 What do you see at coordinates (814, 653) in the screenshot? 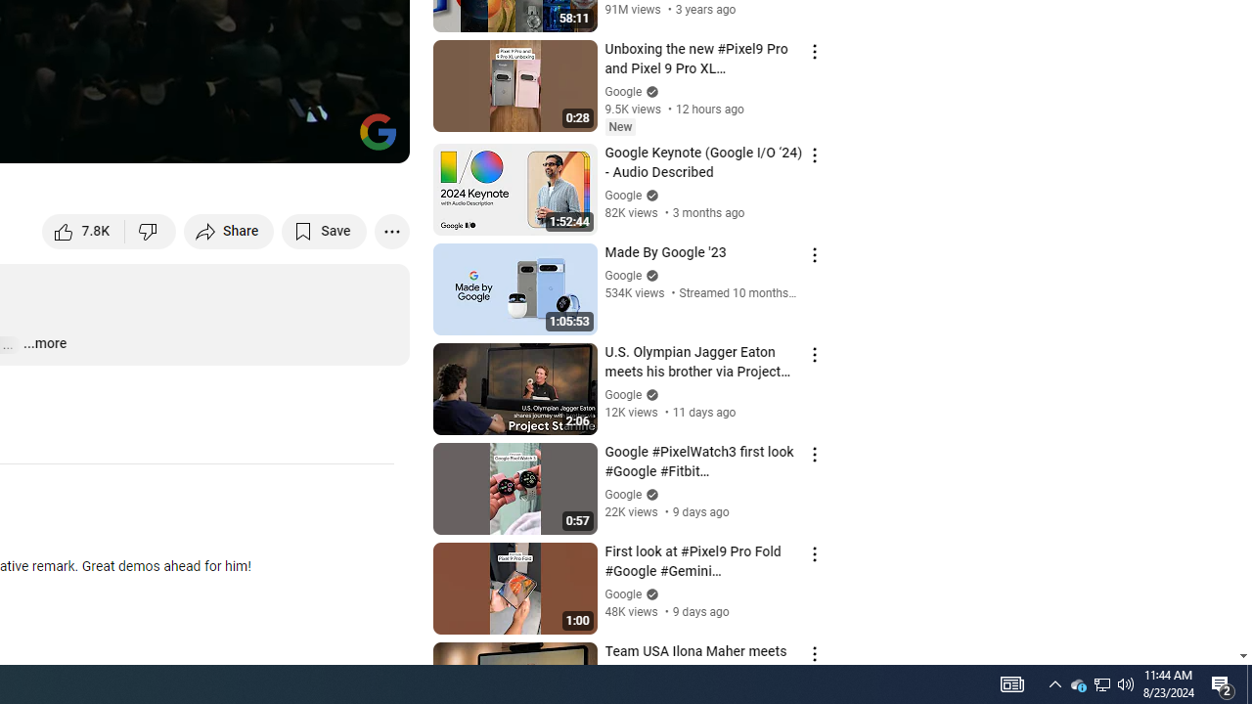
I see `'Action menu'` at bounding box center [814, 653].